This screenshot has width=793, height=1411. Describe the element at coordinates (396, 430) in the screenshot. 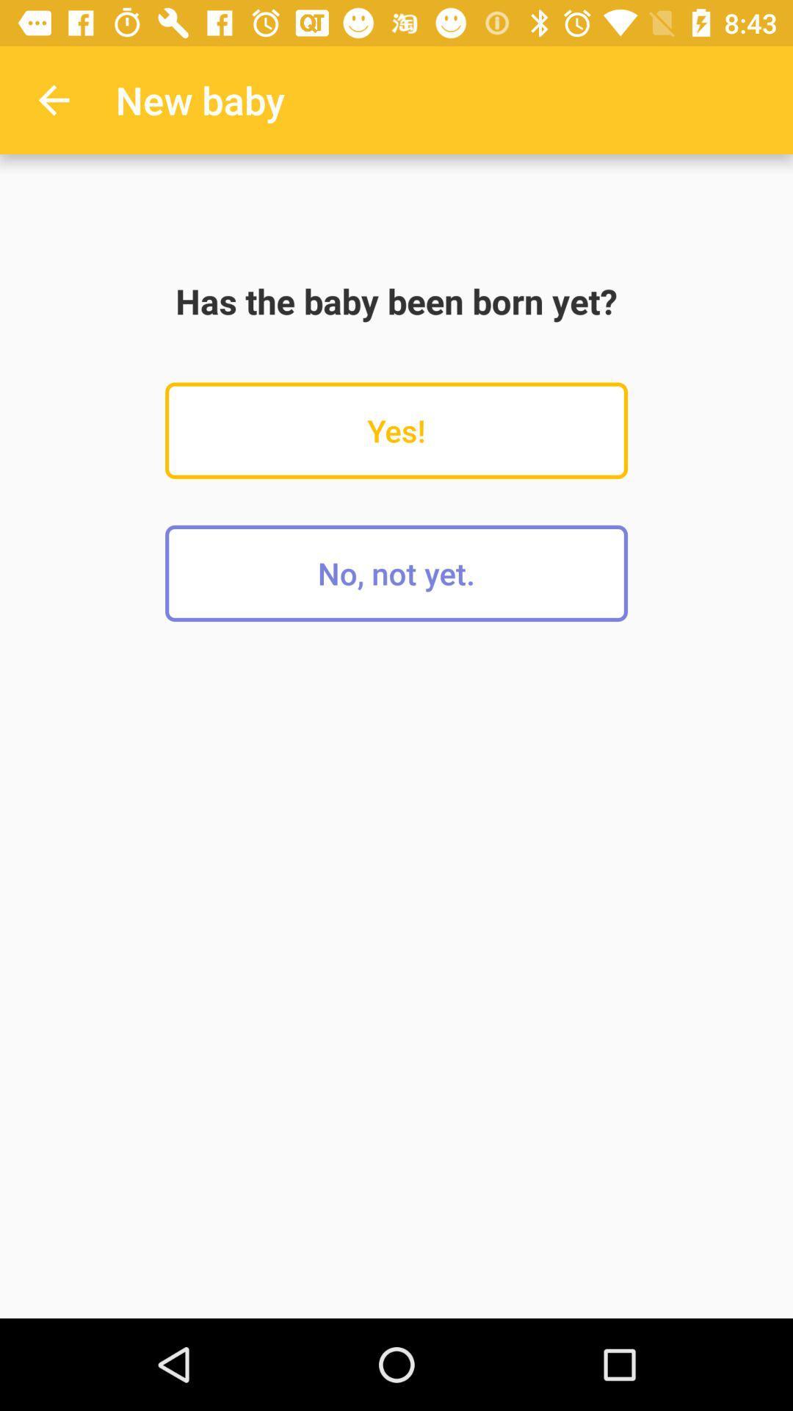

I see `yes!` at that location.